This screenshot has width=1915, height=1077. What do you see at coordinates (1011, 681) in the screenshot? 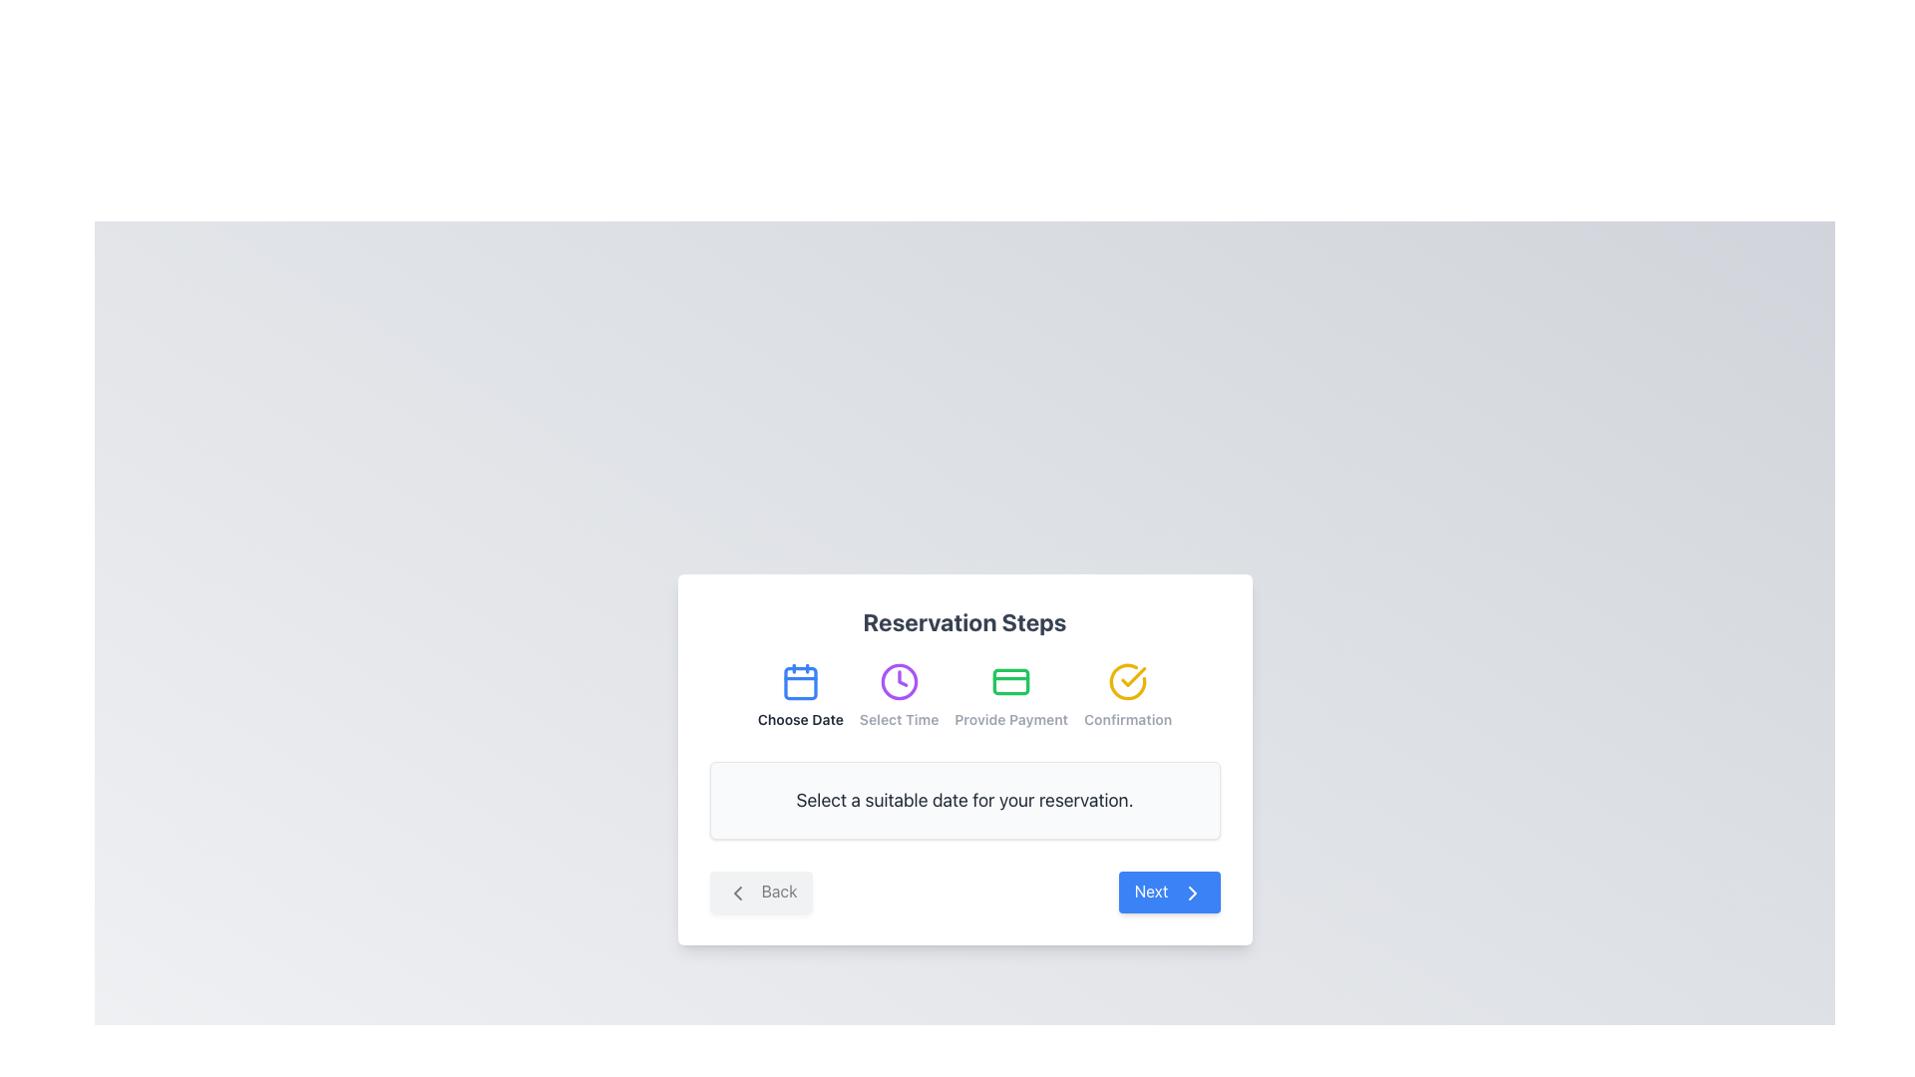
I see `the credit card icon in the 'Provide Payment' section of the 'Reservation Steps' UI component to indicate the payment step in the reservation process` at bounding box center [1011, 681].